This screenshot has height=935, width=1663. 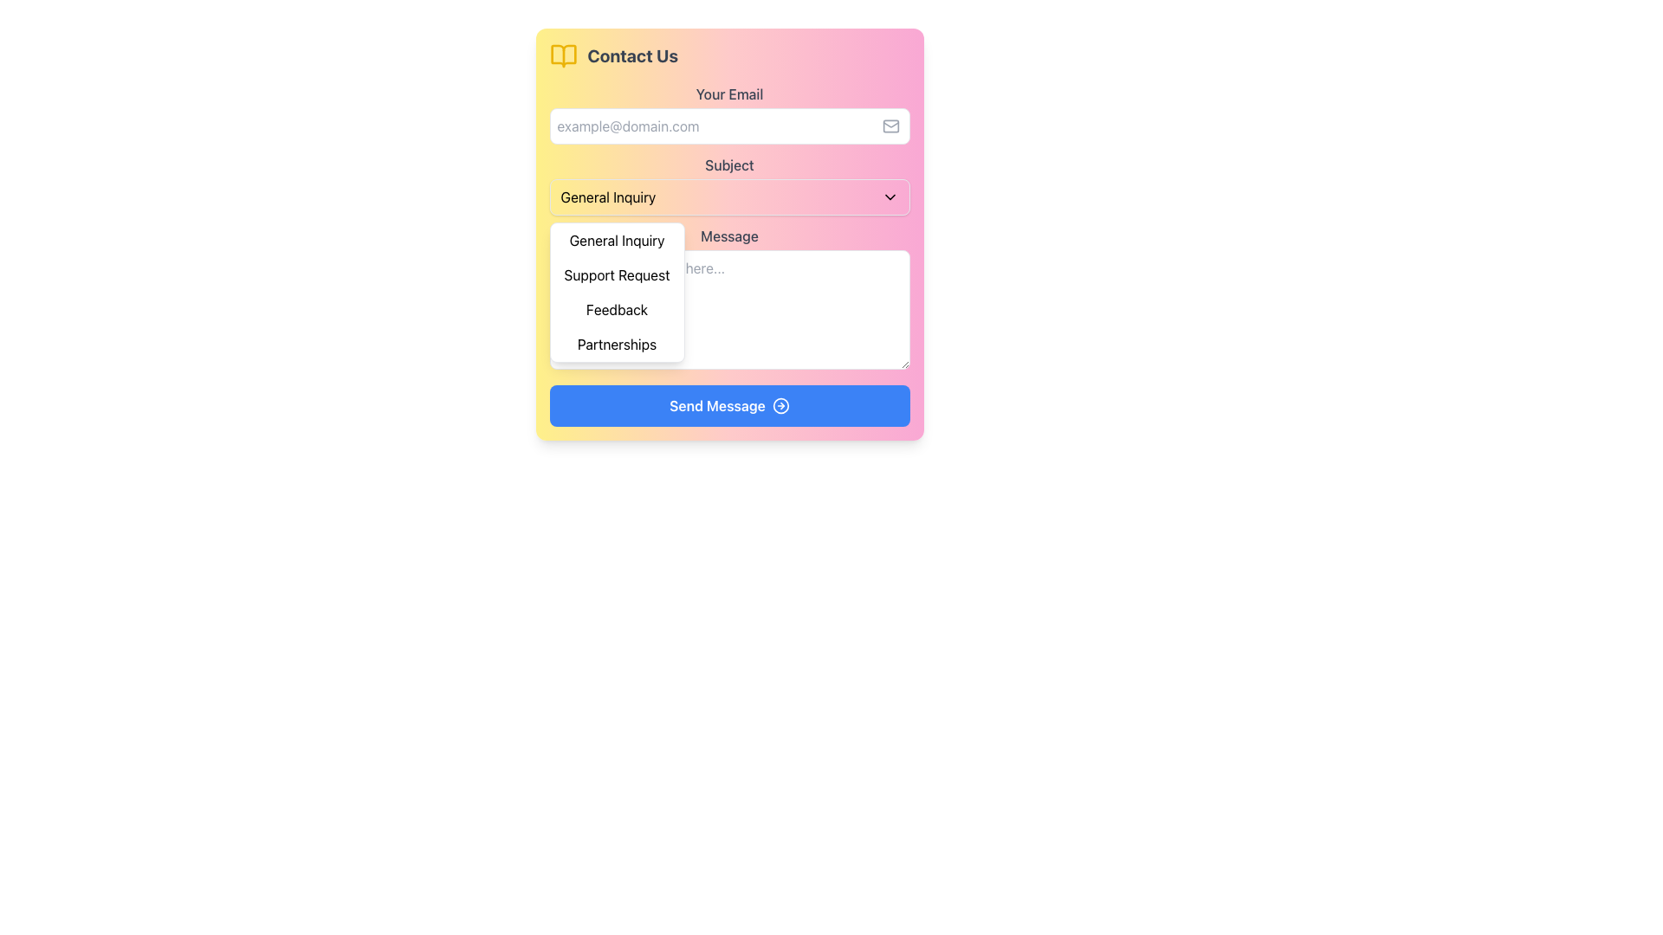 I want to click on the second option in the dropdown menu which includes 'Support Request', so click(x=617, y=292).